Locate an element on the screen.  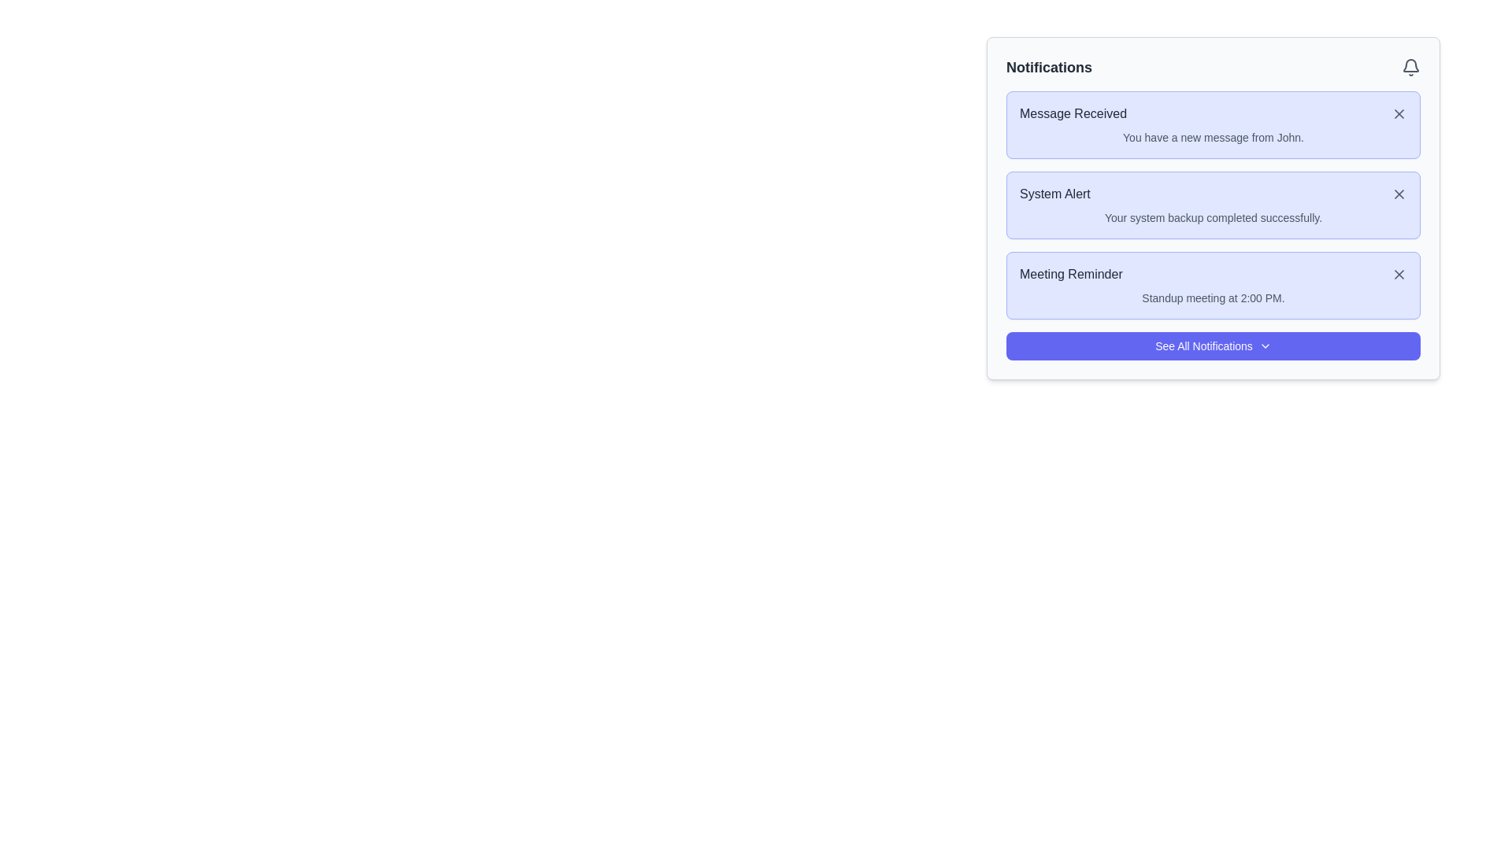
textual label stating 'Your system backup completed successfully.' located below the title 'System Alert' within the second notification card is located at coordinates (1212, 218).